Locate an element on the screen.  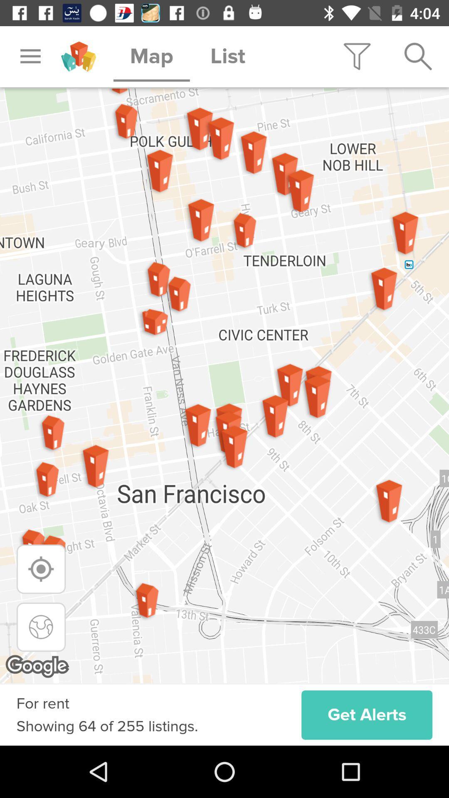
the icon to the right of the showing 64 of item is located at coordinates (366, 714).